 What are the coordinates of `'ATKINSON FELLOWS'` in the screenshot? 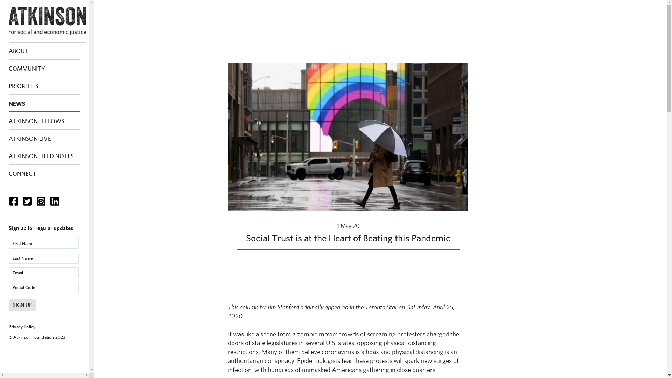 It's located at (44, 121).